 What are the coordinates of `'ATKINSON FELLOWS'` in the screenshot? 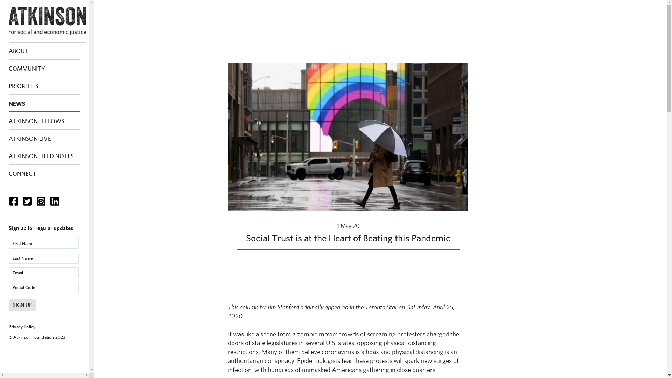 It's located at (44, 121).